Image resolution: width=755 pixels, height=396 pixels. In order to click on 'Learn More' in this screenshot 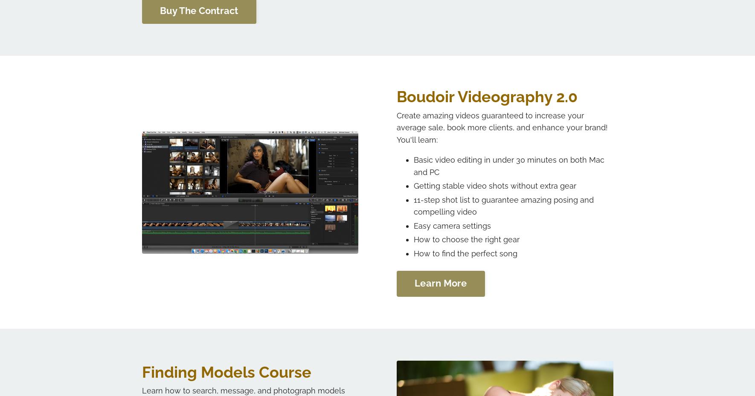, I will do `click(440, 283)`.